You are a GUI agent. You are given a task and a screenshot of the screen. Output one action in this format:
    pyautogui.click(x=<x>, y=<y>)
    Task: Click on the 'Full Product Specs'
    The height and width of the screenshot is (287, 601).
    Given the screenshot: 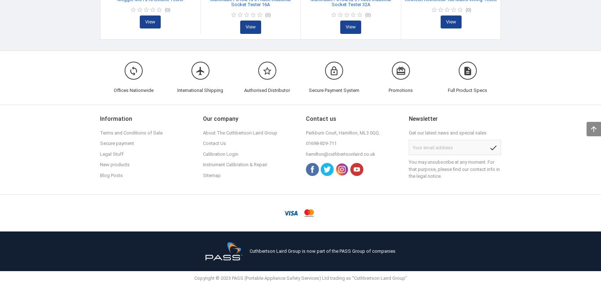 What is the action you would take?
    pyautogui.click(x=467, y=90)
    